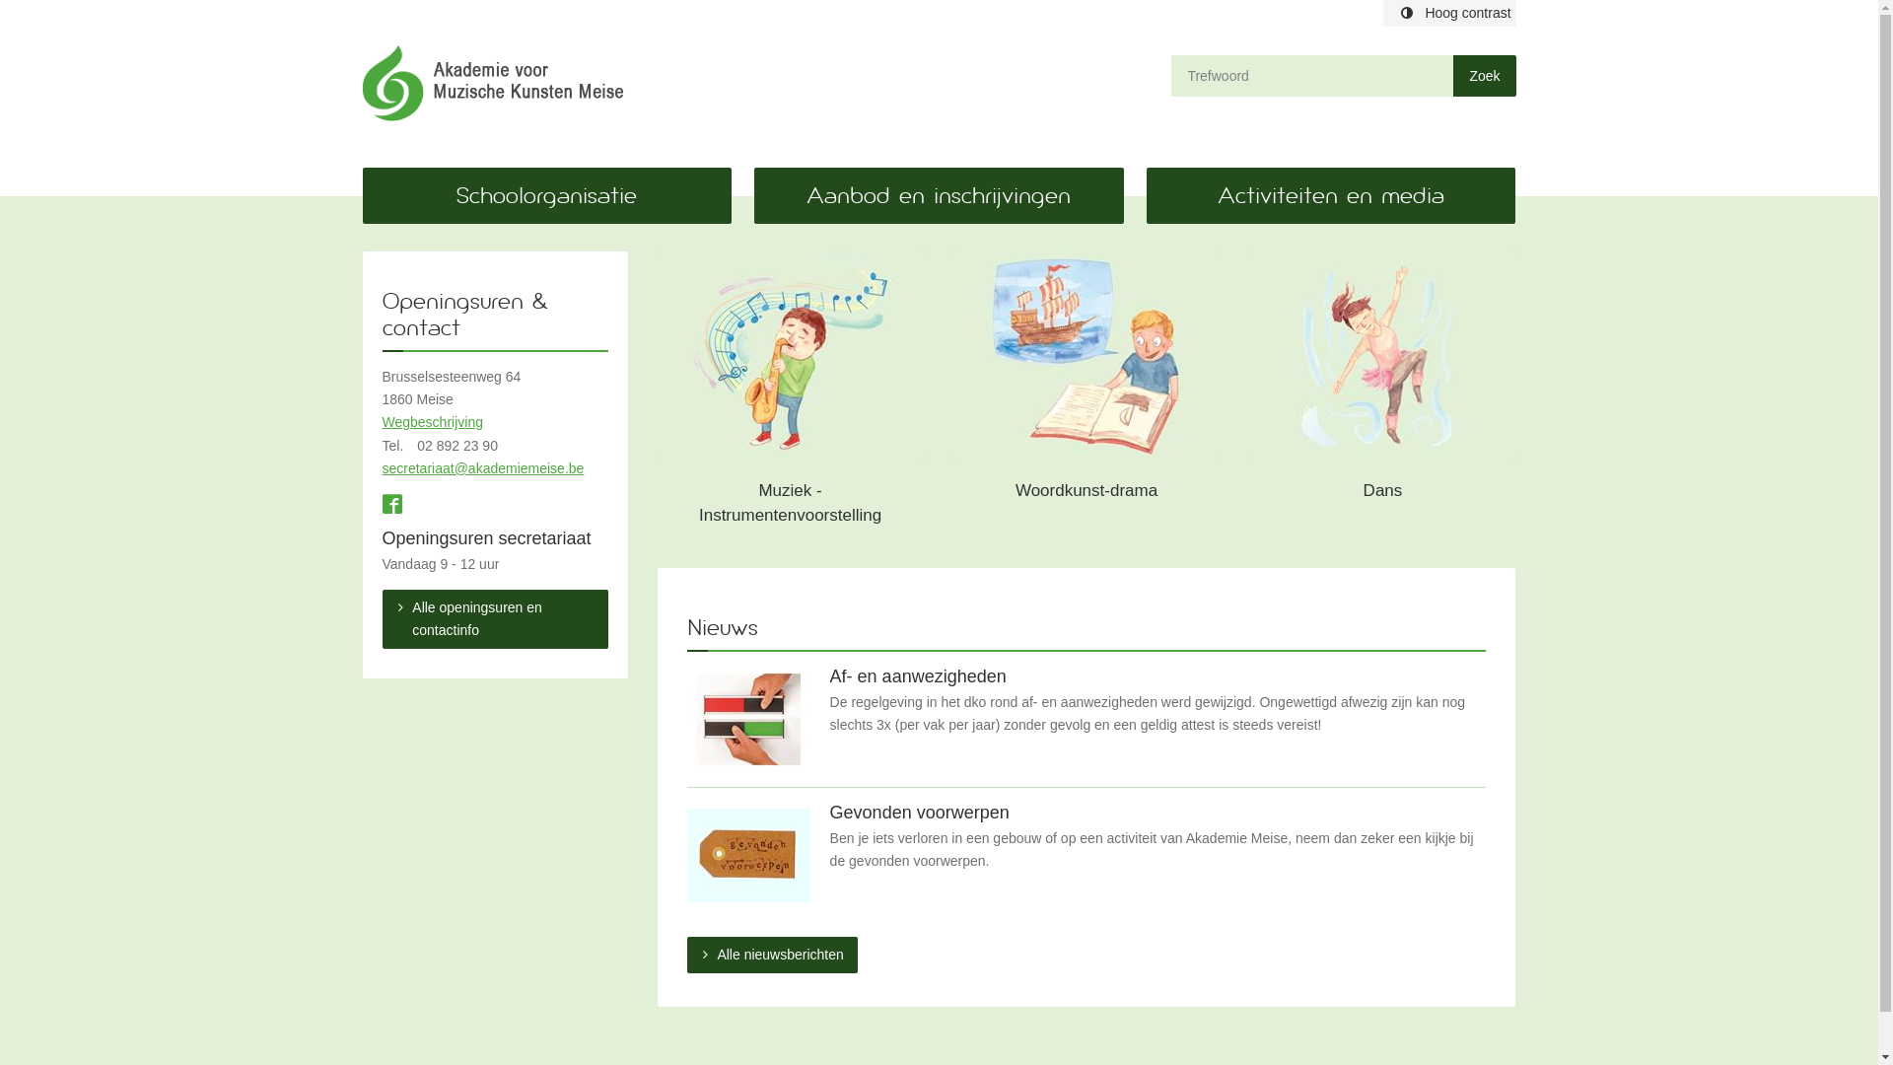 This screenshot has height=1065, width=1893. Describe the element at coordinates (392, 505) in the screenshot. I see `'Facebook'` at that location.